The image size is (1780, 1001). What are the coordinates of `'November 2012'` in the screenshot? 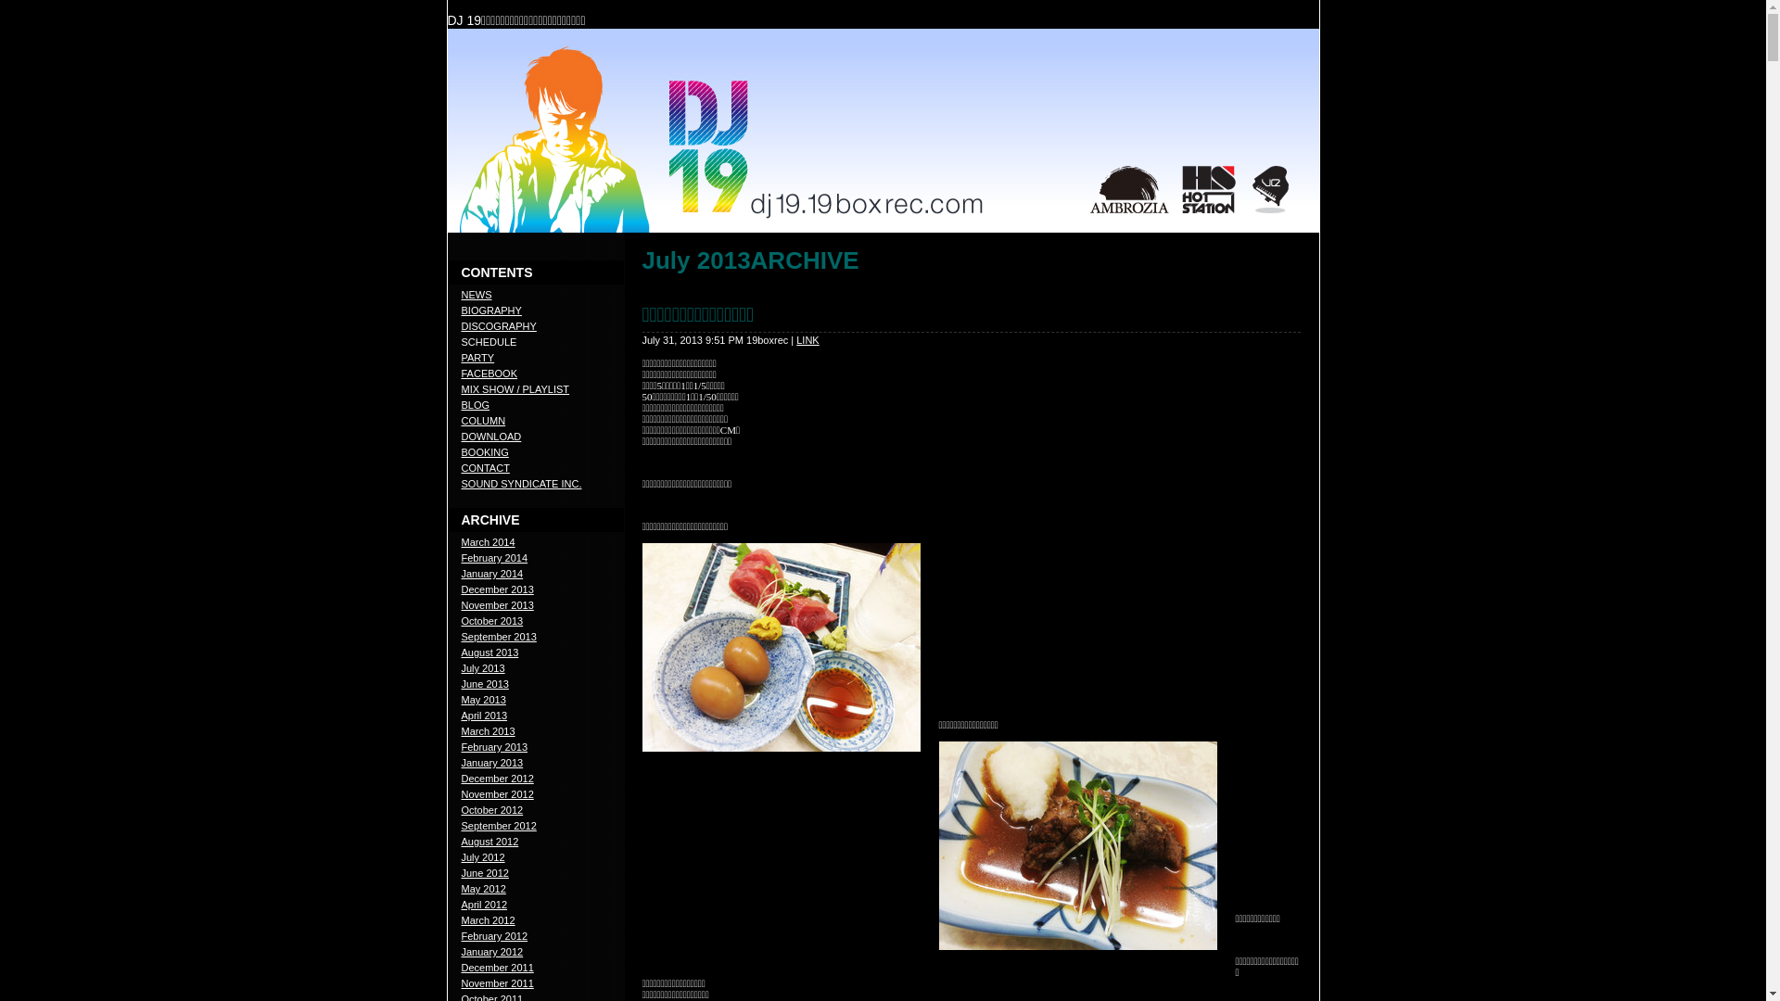 It's located at (498, 792).